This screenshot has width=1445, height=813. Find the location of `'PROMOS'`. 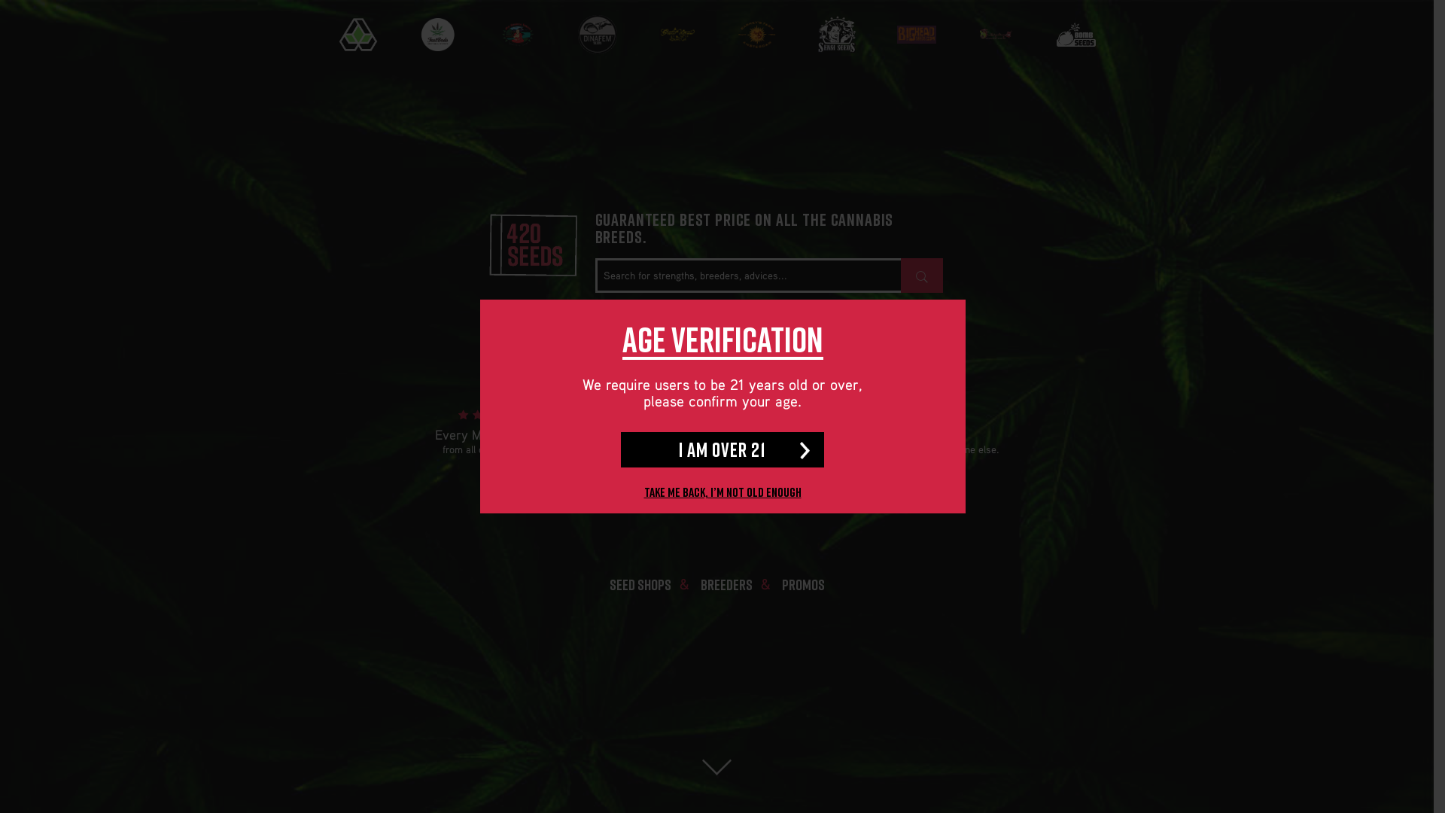

'PROMOS' is located at coordinates (802, 583).